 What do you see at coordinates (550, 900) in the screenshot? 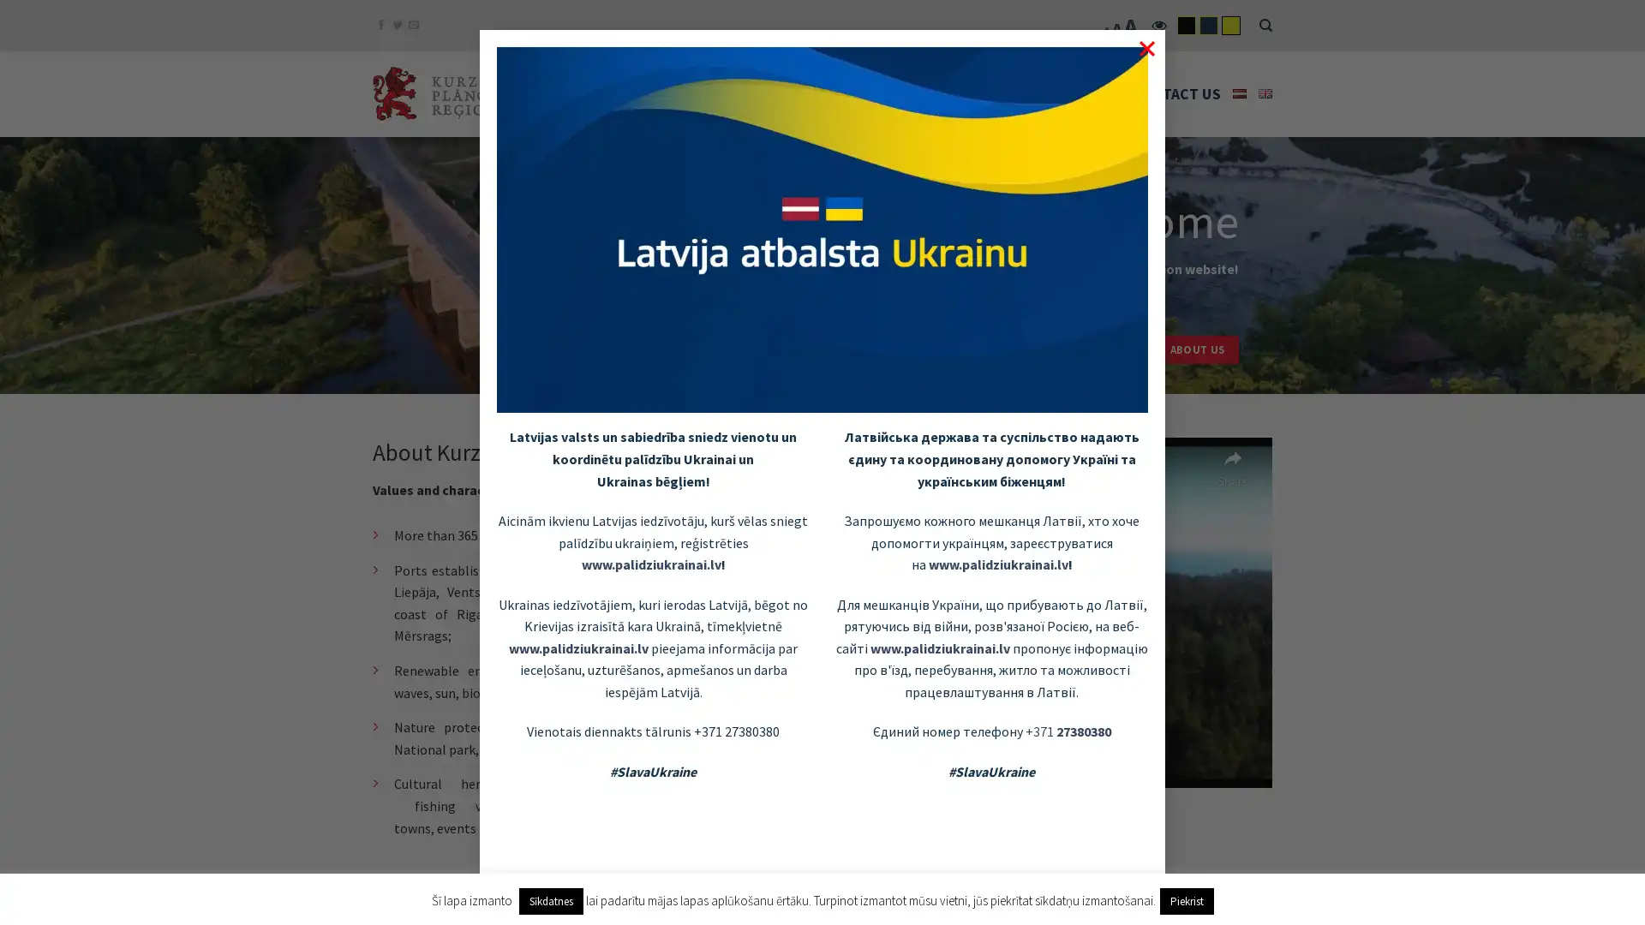
I see `Sikdatnes` at bounding box center [550, 900].